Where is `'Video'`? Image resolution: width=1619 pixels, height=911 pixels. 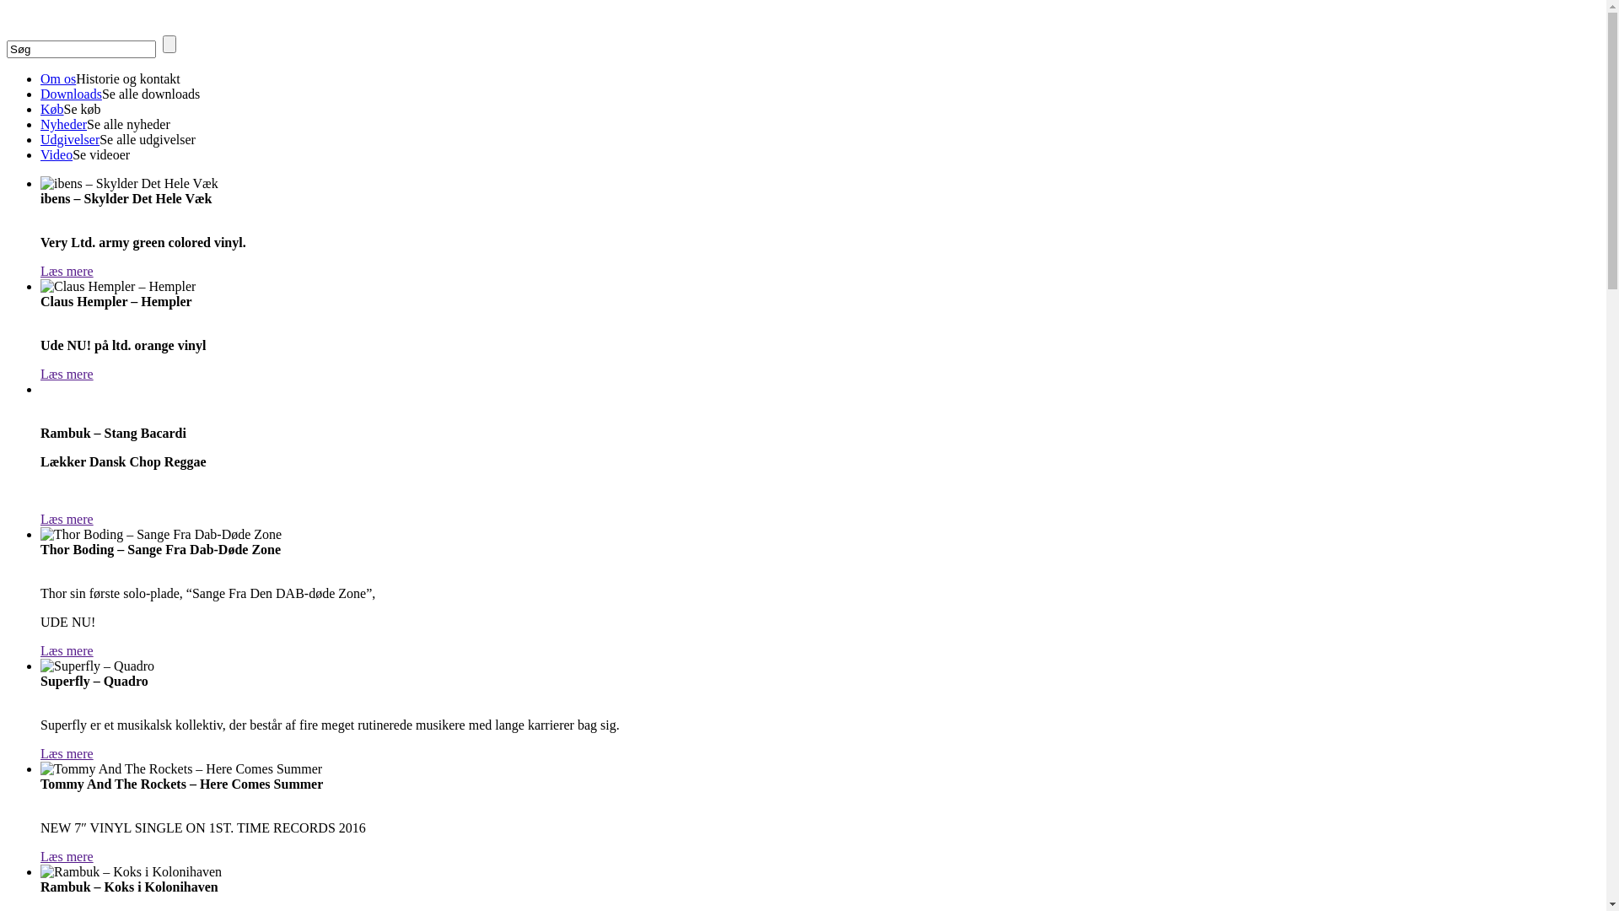
'Video' is located at coordinates (56, 154).